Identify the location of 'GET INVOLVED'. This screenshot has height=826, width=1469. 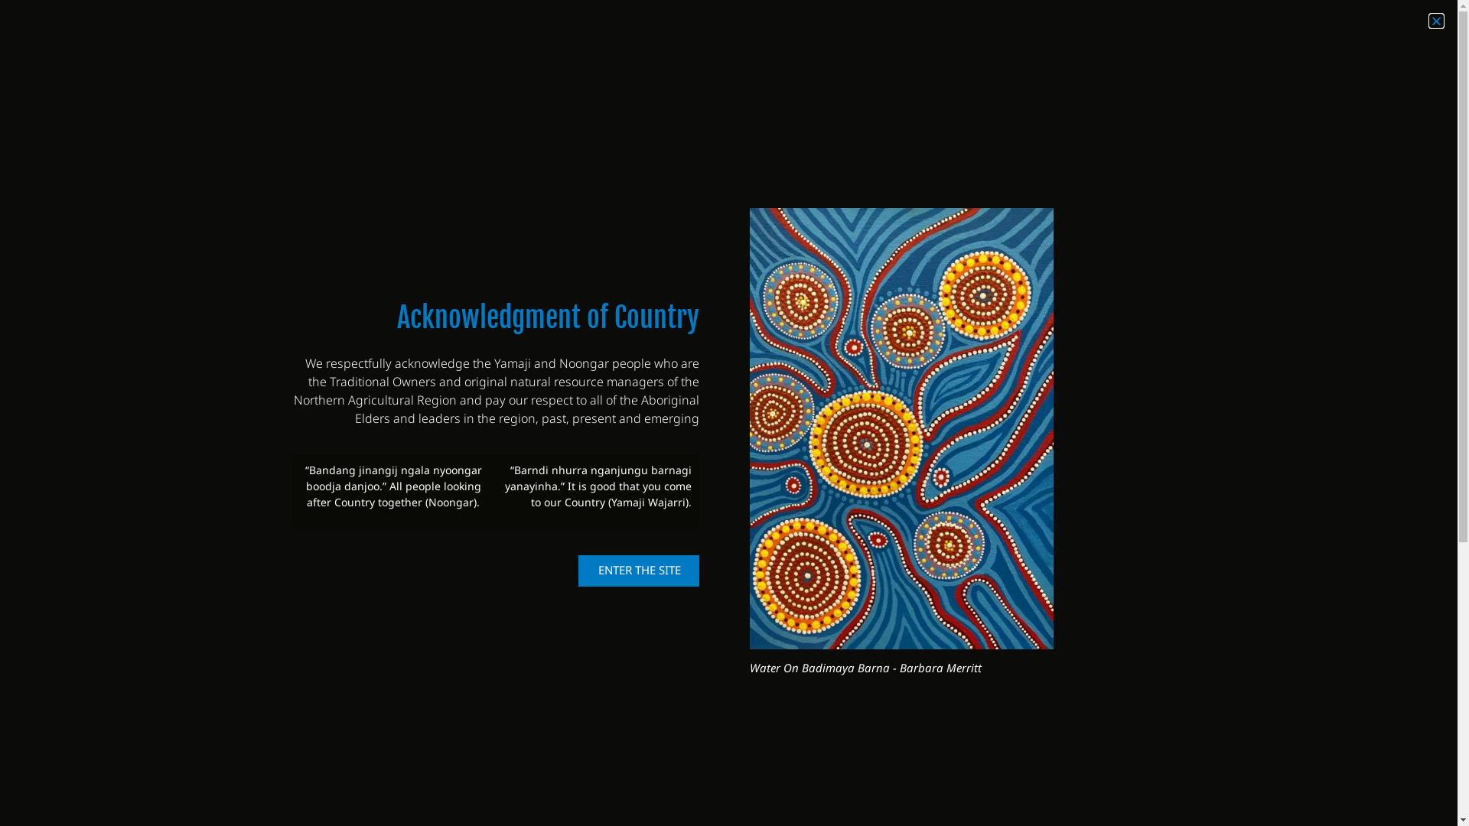
(1300, 79).